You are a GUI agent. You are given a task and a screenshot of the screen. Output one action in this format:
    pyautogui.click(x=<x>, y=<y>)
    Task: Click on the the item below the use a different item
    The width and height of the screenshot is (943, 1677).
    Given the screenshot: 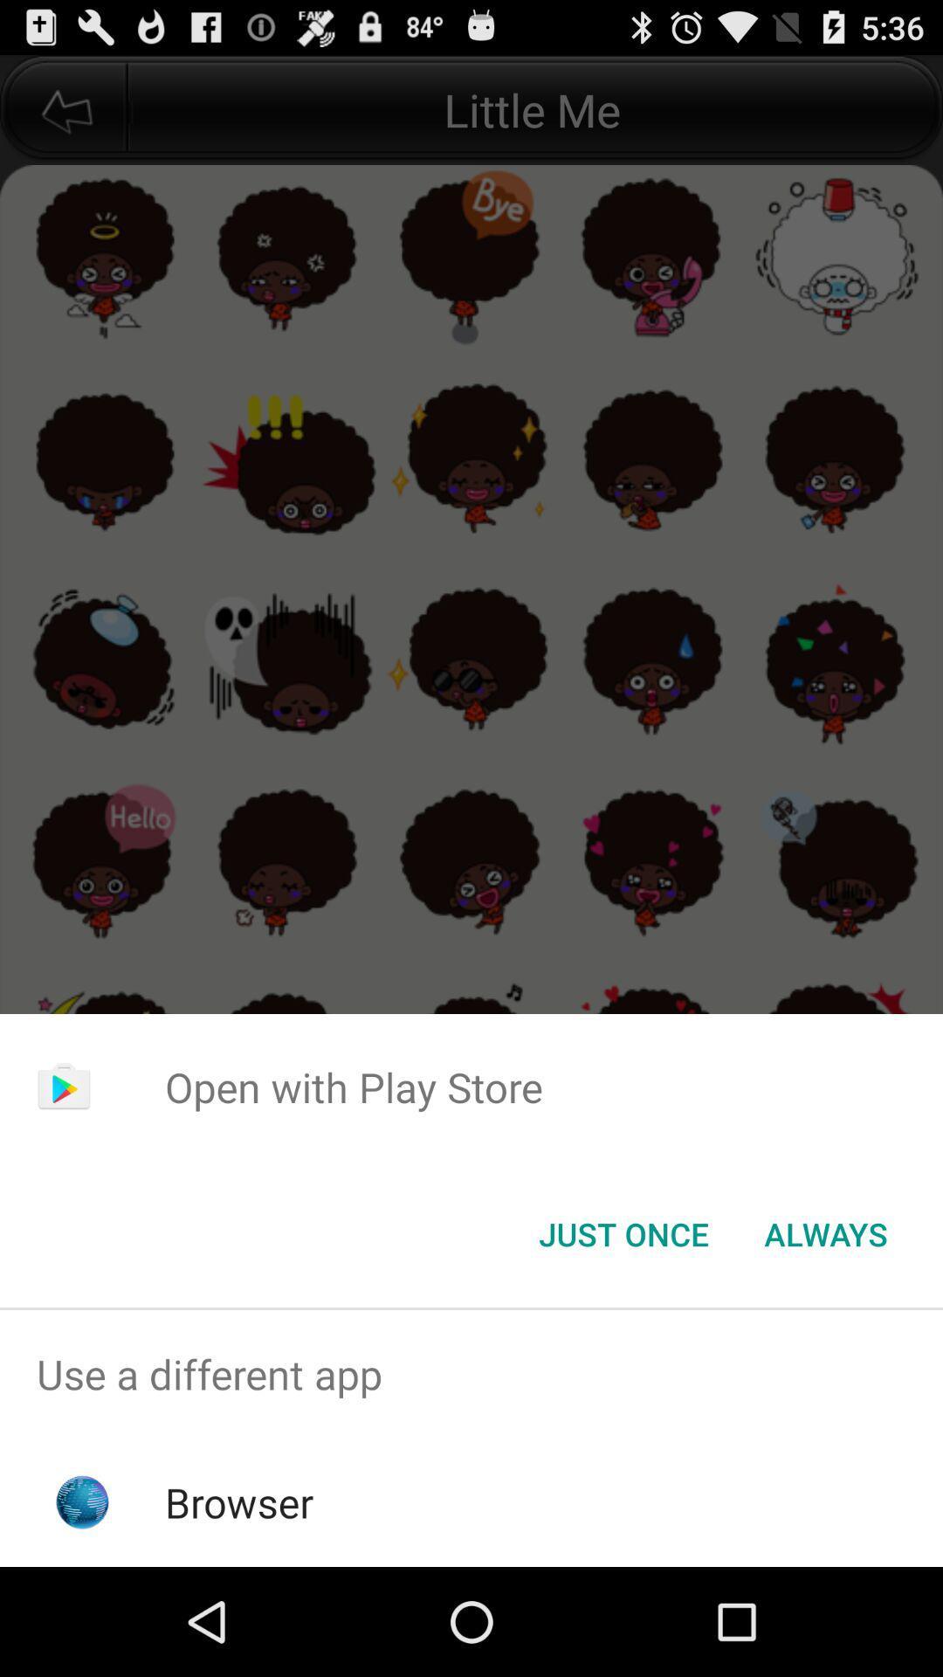 What is the action you would take?
    pyautogui.click(x=239, y=1501)
    